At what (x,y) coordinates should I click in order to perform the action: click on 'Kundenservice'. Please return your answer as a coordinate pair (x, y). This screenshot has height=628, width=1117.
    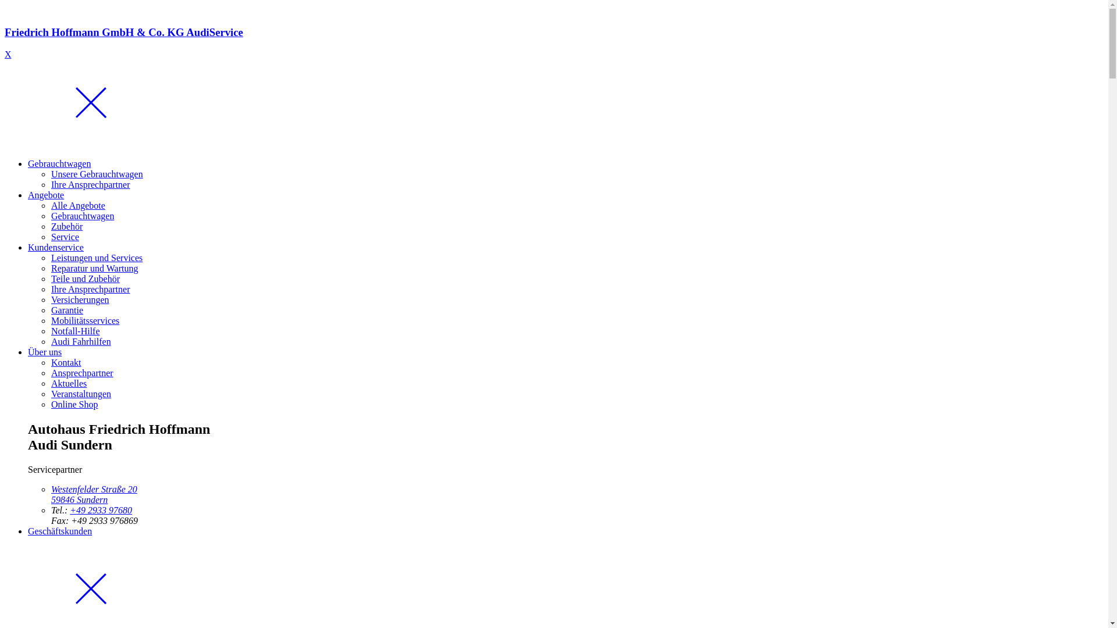
    Looking at the image, I should click on (55, 247).